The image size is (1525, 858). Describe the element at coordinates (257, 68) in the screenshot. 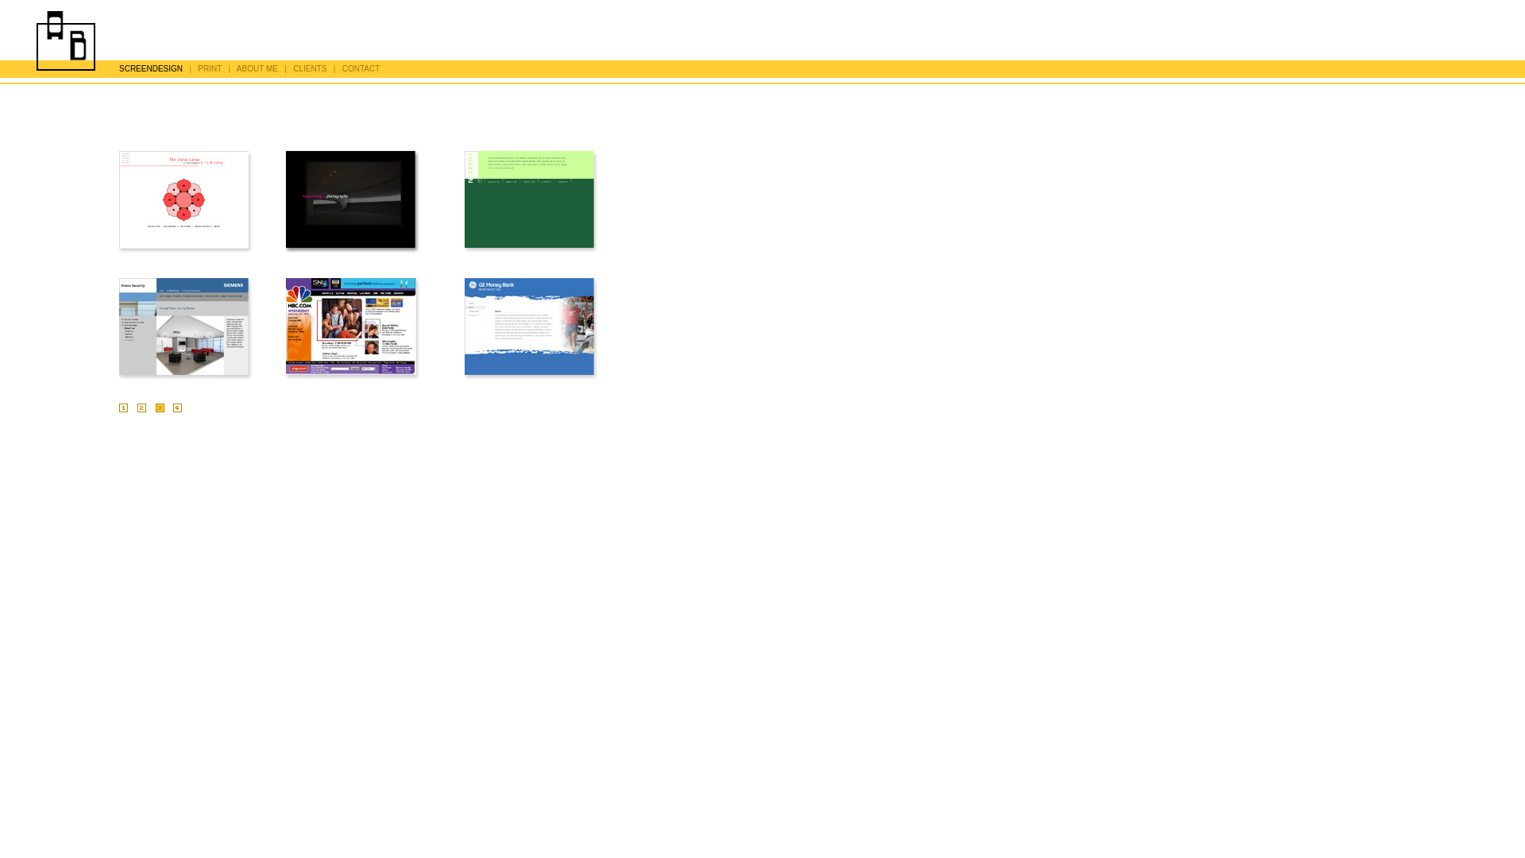

I see `'ABOUT ME'` at that location.